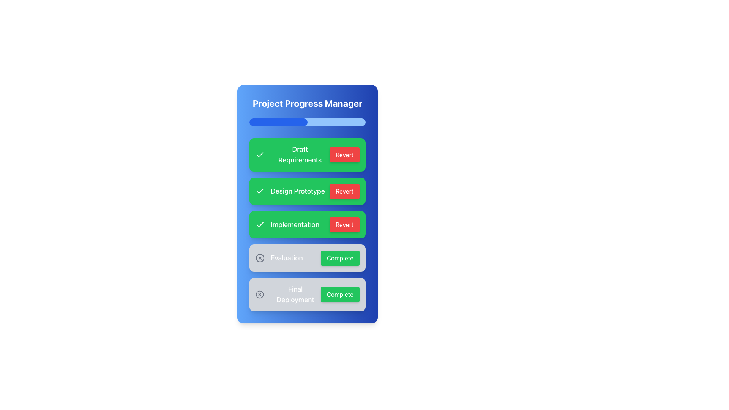 The width and height of the screenshot is (729, 410). Describe the element at coordinates (290, 191) in the screenshot. I see `the text label indicating the project phase 'Design Prototype', which is the second item in a vertically stacked list of similar containers` at that location.